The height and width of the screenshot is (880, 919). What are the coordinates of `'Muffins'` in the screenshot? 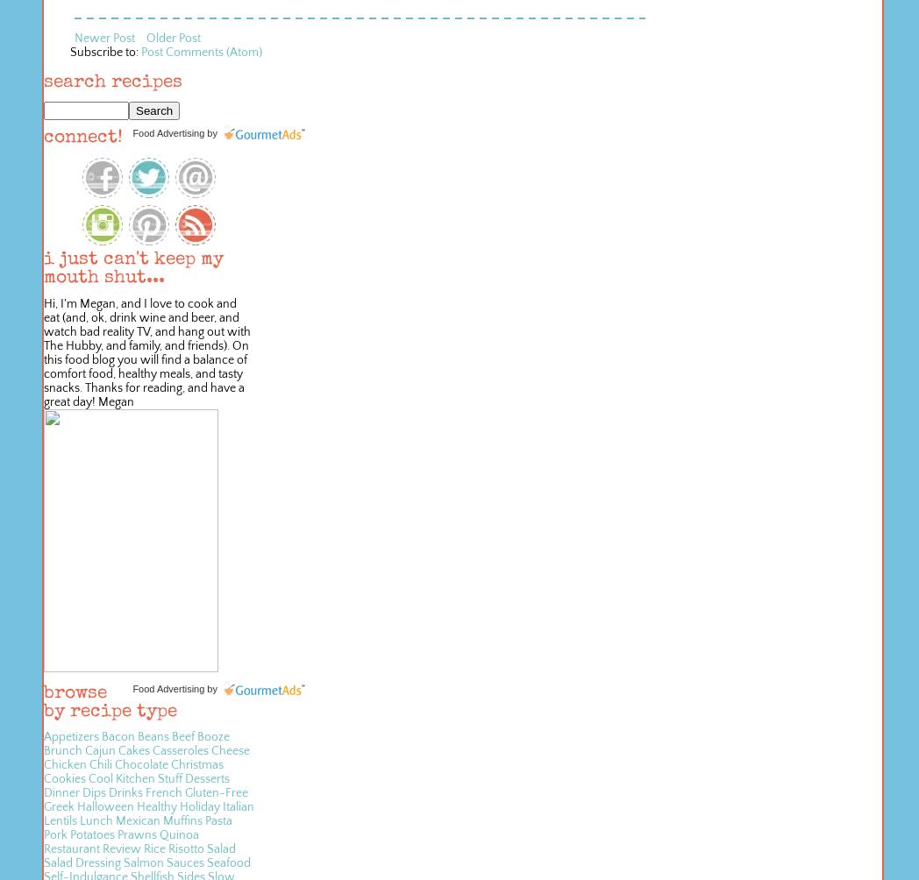 It's located at (162, 820).